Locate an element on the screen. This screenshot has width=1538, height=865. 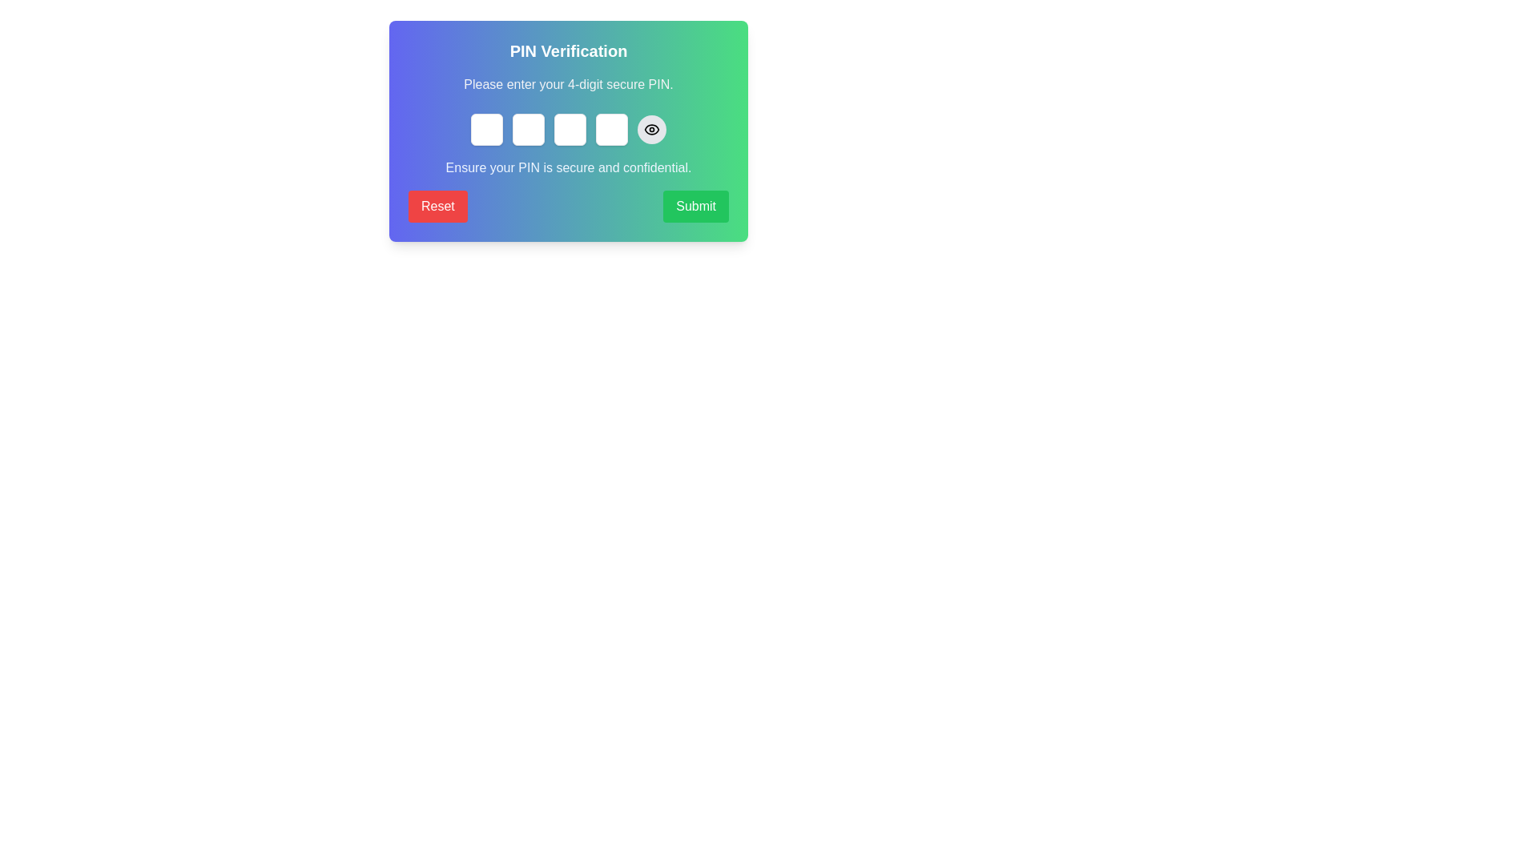
the text label displaying 'Please enter your 4-digit secure PIN.' which is centrally aligned and located below the 'PIN Verification' text is located at coordinates (569, 84).